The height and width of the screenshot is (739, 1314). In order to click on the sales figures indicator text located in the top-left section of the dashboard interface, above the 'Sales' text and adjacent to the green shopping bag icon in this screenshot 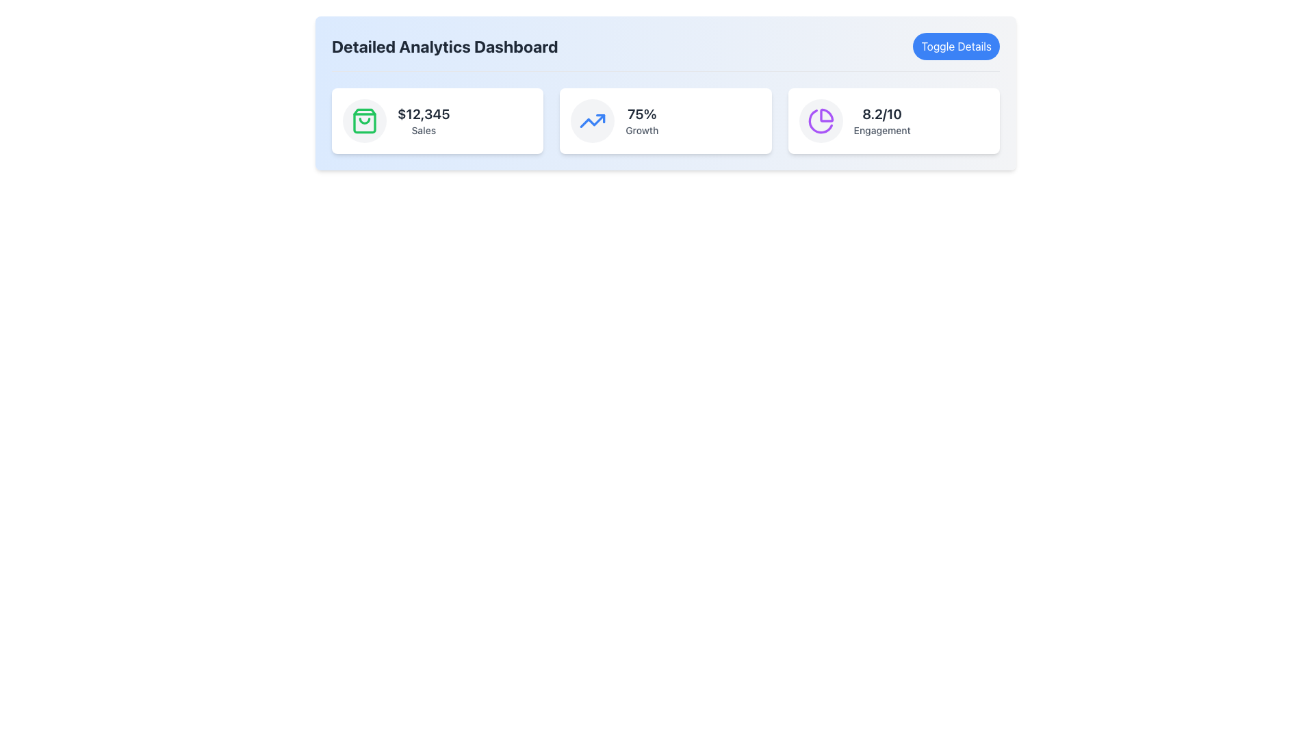, I will do `click(423, 113)`.